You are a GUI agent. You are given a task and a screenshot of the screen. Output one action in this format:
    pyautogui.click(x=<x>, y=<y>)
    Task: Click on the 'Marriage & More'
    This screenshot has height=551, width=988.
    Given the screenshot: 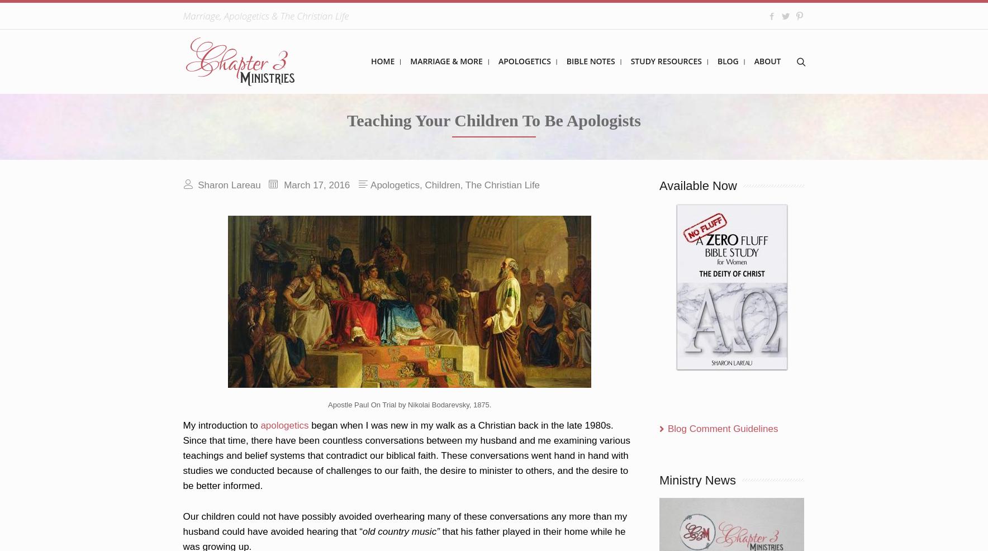 What is the action you would take?
    pyautogui.click(x=410, y=61)
    